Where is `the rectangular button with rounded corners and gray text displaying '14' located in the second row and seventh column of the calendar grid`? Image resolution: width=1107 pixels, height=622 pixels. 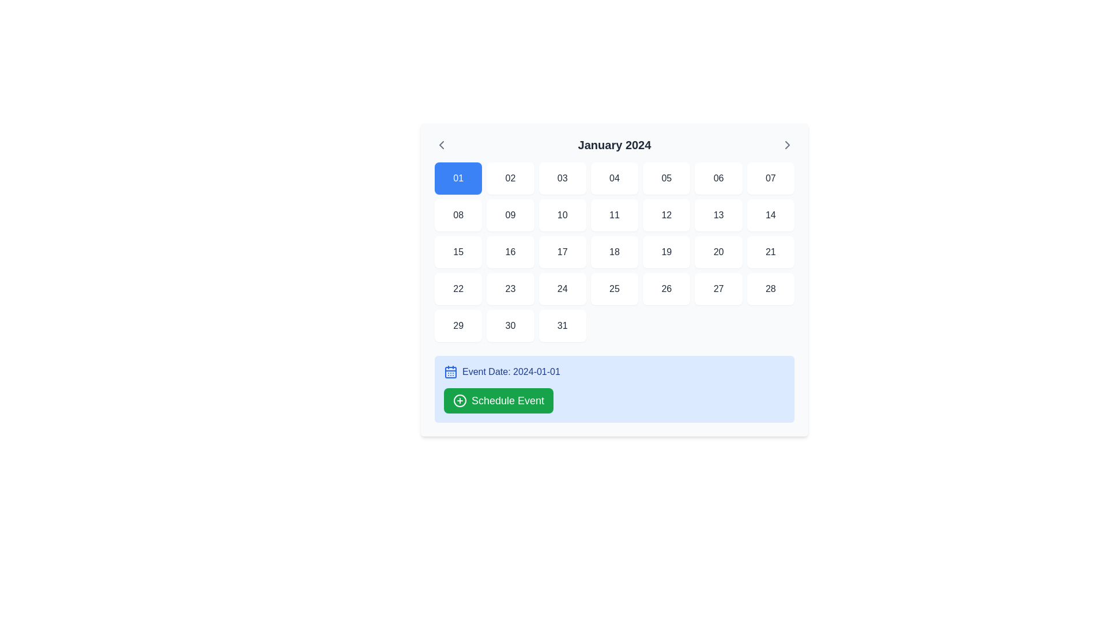
the rectangular button with rounded corners and gray text displaying '14' located in the second row and seventh column of the calendar grid is located at coordinates (770, 215).